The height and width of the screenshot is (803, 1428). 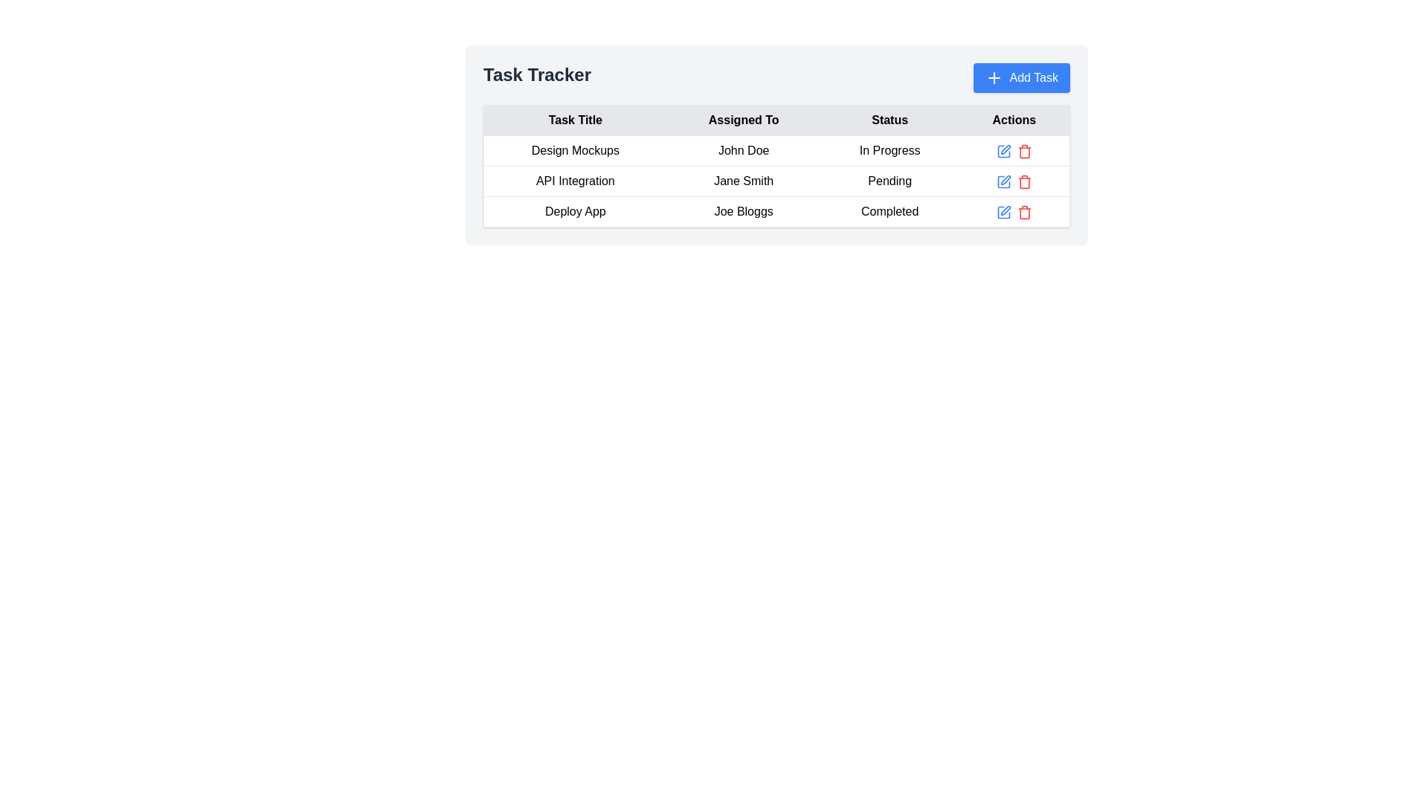 I want to click on the 'Actions' label, which is a bold black text on a light gray background, positioned as the fourth column header in a table layout, so click(x=1013, y=120).